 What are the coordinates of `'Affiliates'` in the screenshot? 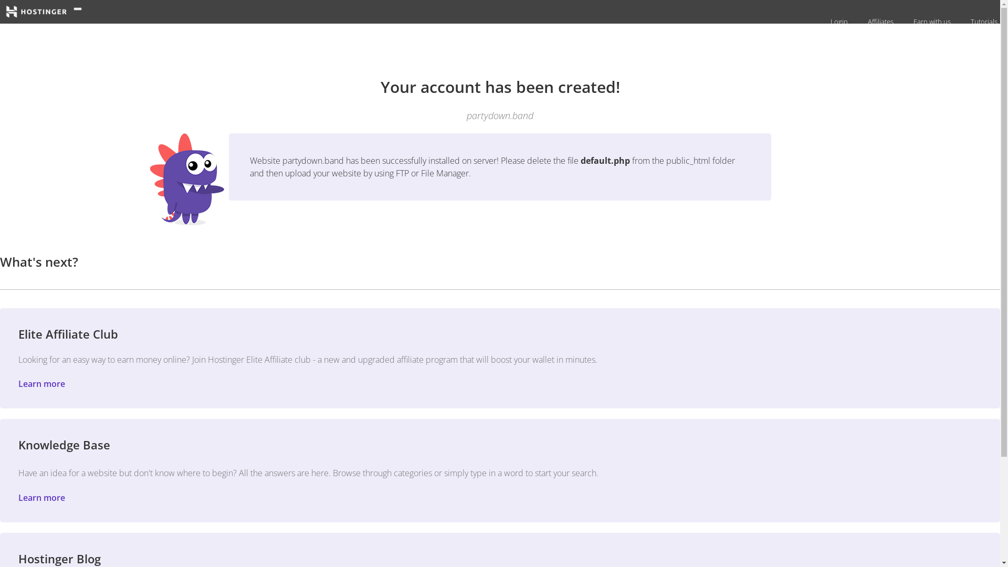 It's located at (862, 22).